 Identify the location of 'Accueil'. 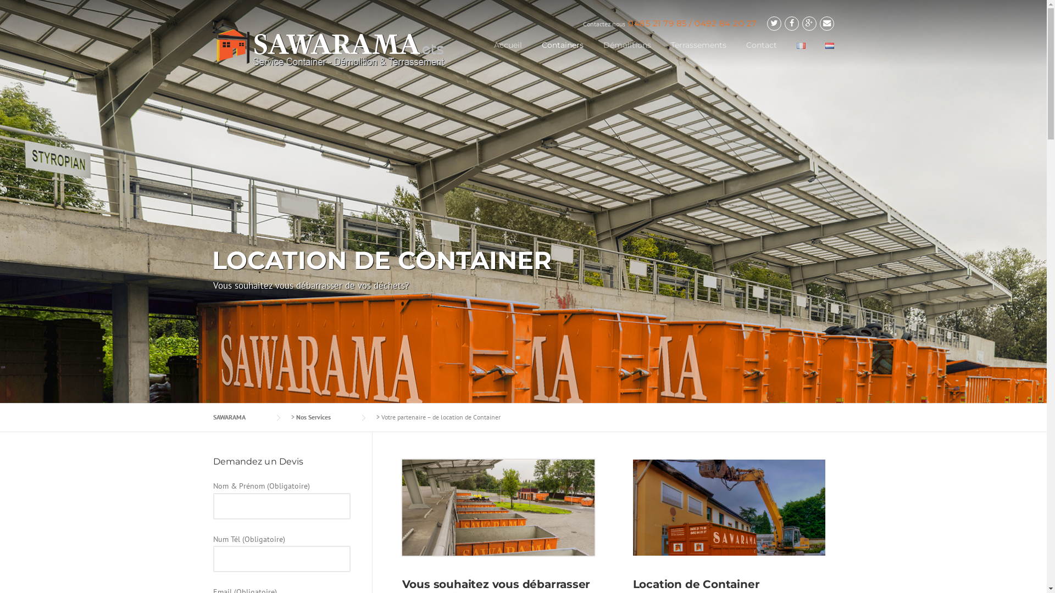
(507, 53).